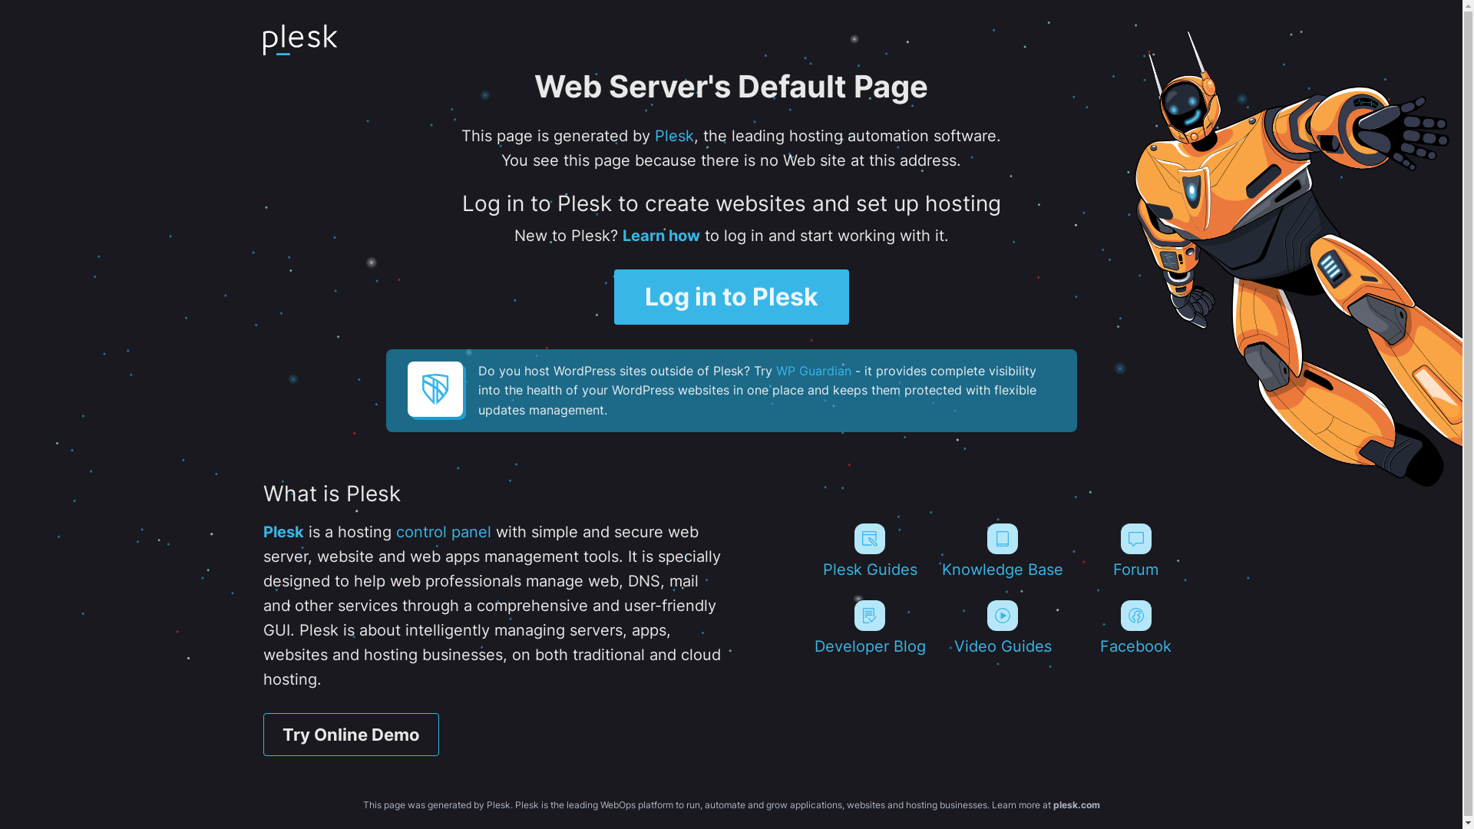 This screenshot has height=829, width=1474. I want to click on 'Try Online Demo', so click(262, 733).